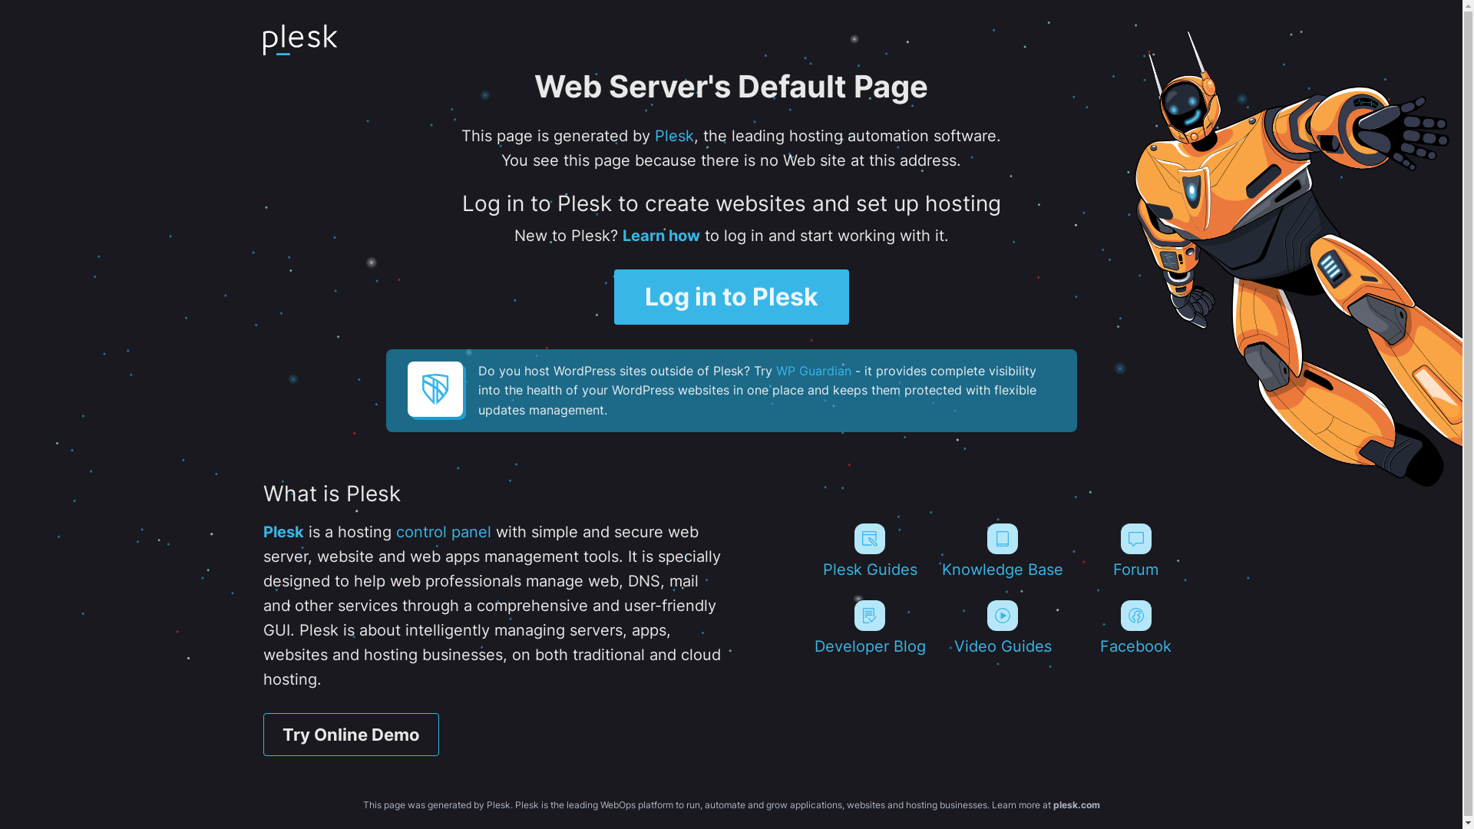 This screenshot has height=829, width=1474. I want to click on 'Try Online Demo', so click(262, 733).